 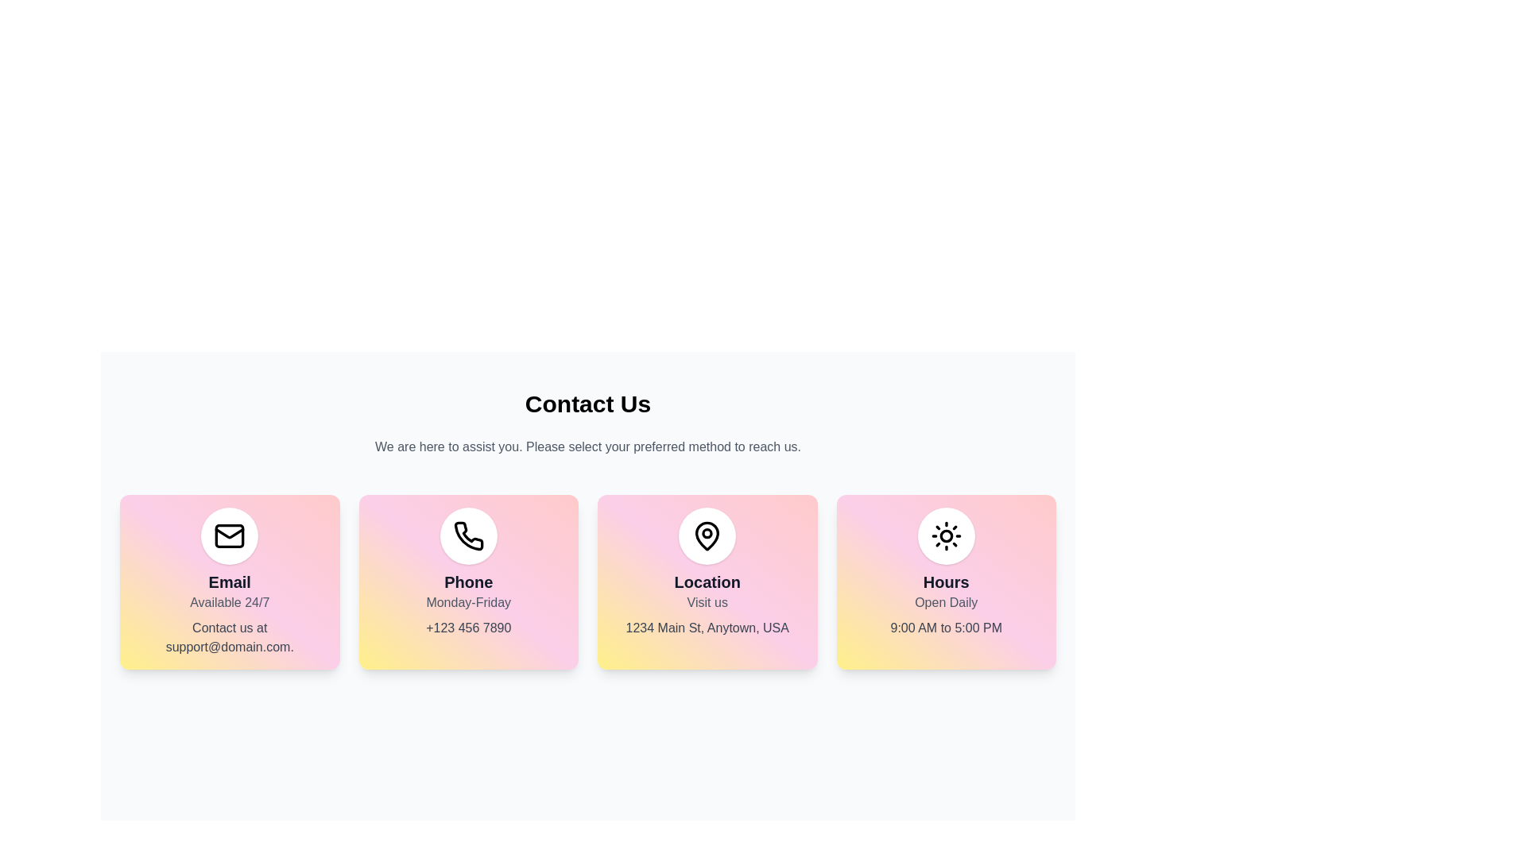 I want to click on contact email address displayed in the text label located below 'Available 24/7' in the first card ('Email') within a row of four cards, so click(x=229, y=636).